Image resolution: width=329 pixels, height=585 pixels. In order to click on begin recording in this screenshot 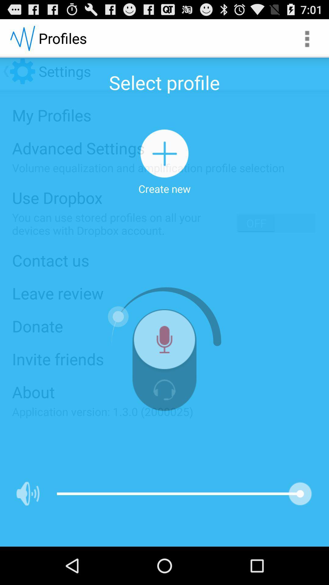, I will do `click(164, 342)`.